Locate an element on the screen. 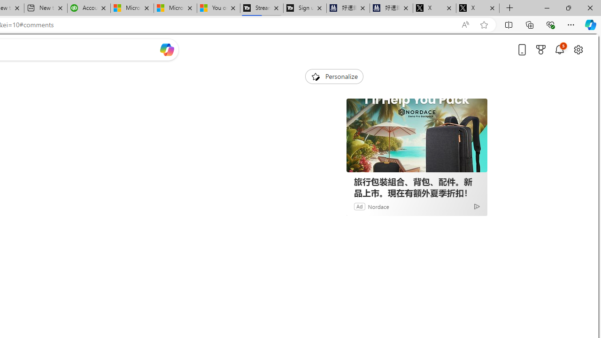 Image resolution: width=601 pixels, height=338 pixels. 'Open Copilot' is located at coordinates (167, 49).